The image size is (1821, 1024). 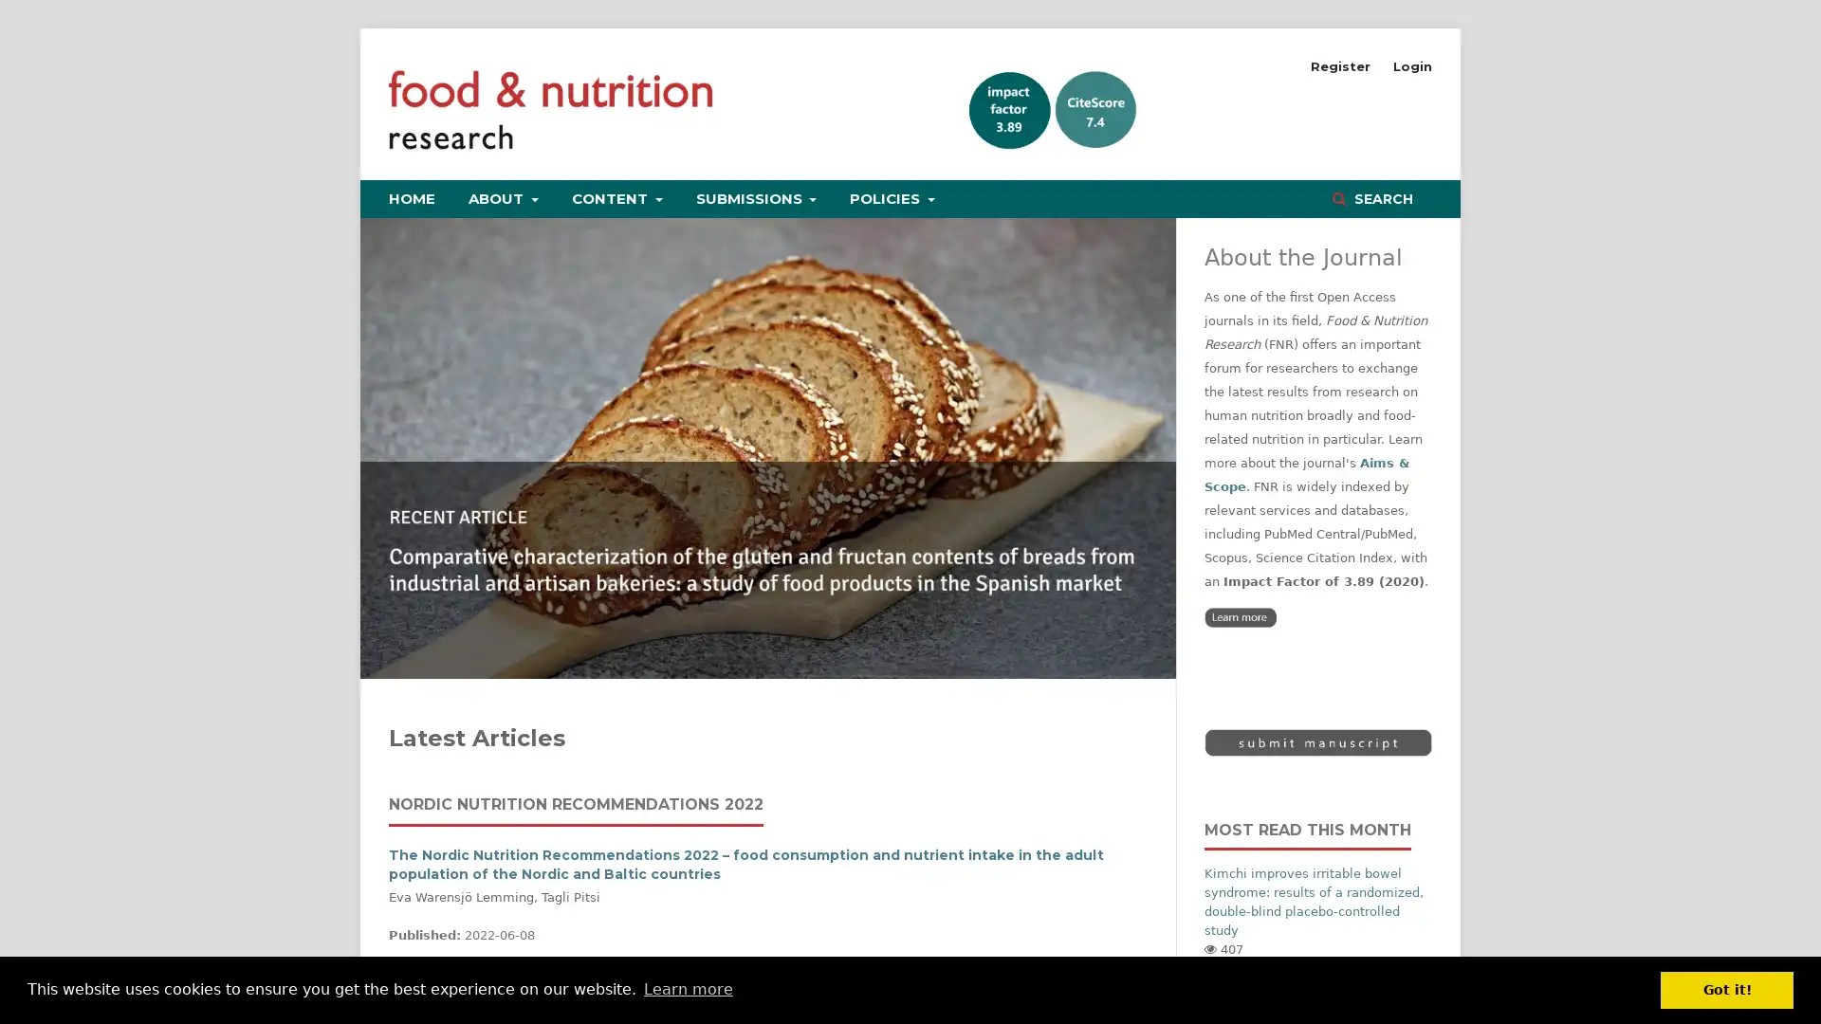 What do you see at coordinates (1726, 989) in the screenshot?
I see `dismiss cookie message` at bounding box center [1726, 989].